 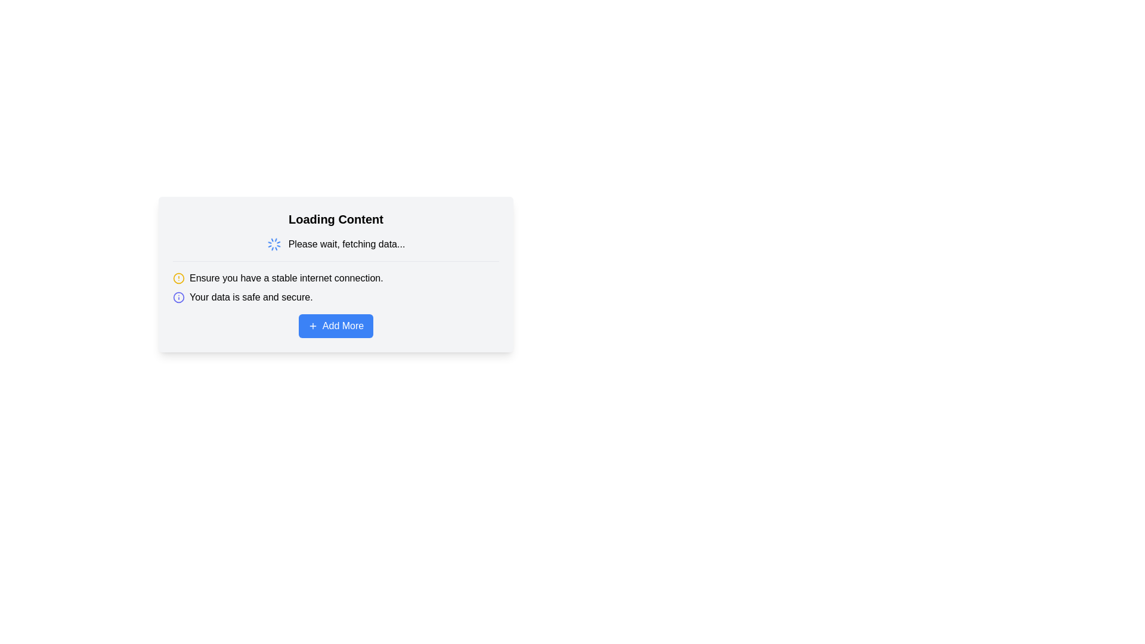 What do you see at coordinates (277, 278) in the screenshot?
I see `informational text that states 'Ensure you have a stable internet connection.' which is represented by a yellow warning icon and is located in the second section below the header 'Loading Content'` at bounding box center [277, 278].